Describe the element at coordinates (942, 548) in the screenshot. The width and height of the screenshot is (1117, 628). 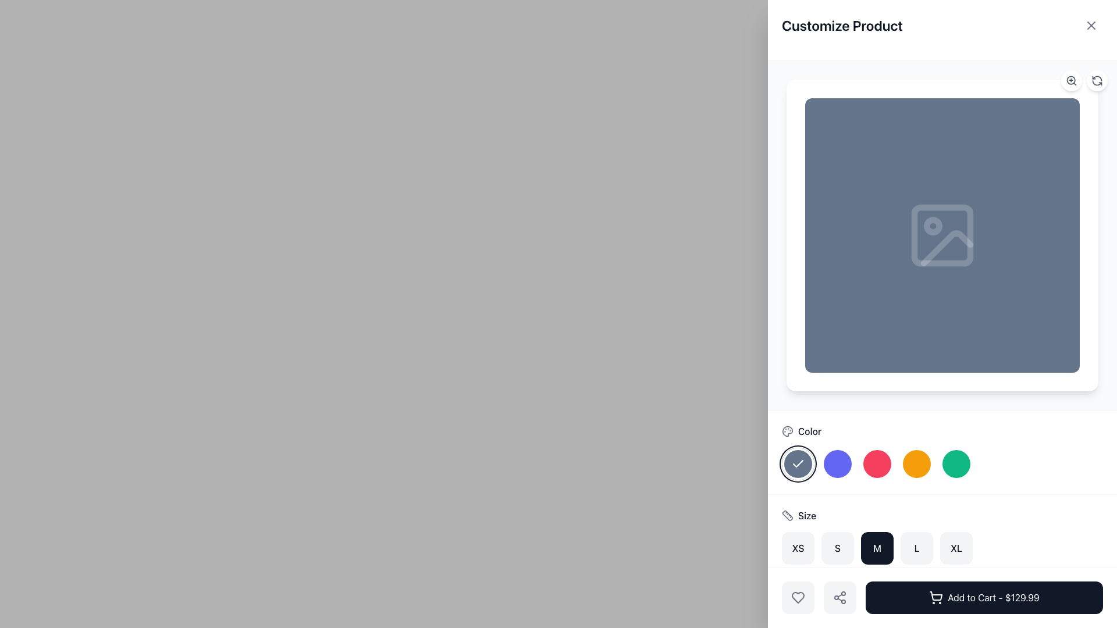
I see `the 'XL' size selector button located in the 'Size' section, which is the last option in the horizontal list of size buttons` at that location.